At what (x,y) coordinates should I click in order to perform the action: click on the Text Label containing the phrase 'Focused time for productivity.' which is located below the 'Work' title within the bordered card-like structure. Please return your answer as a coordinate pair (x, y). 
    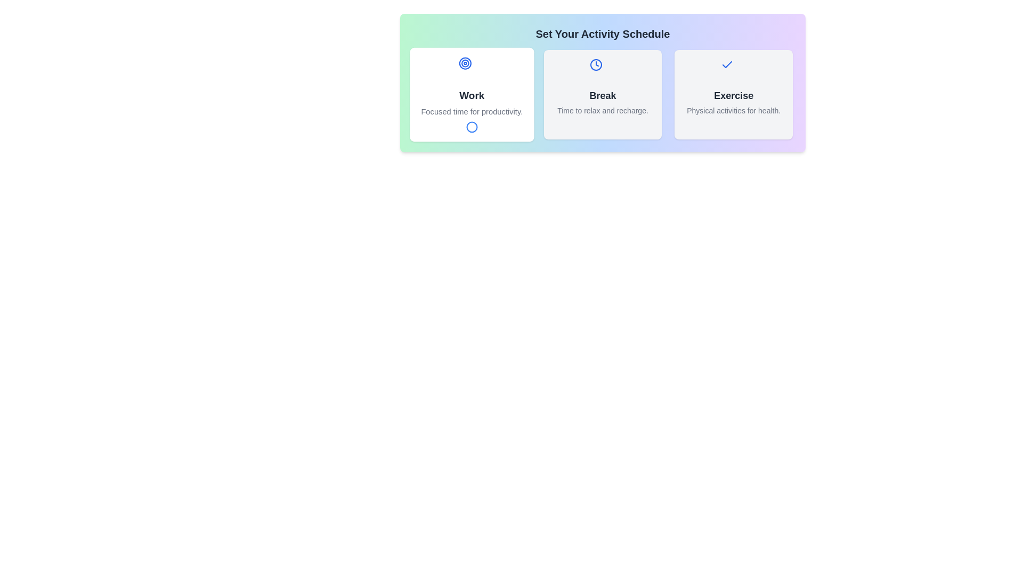
    Looking at the image, I should click on (471, 111).